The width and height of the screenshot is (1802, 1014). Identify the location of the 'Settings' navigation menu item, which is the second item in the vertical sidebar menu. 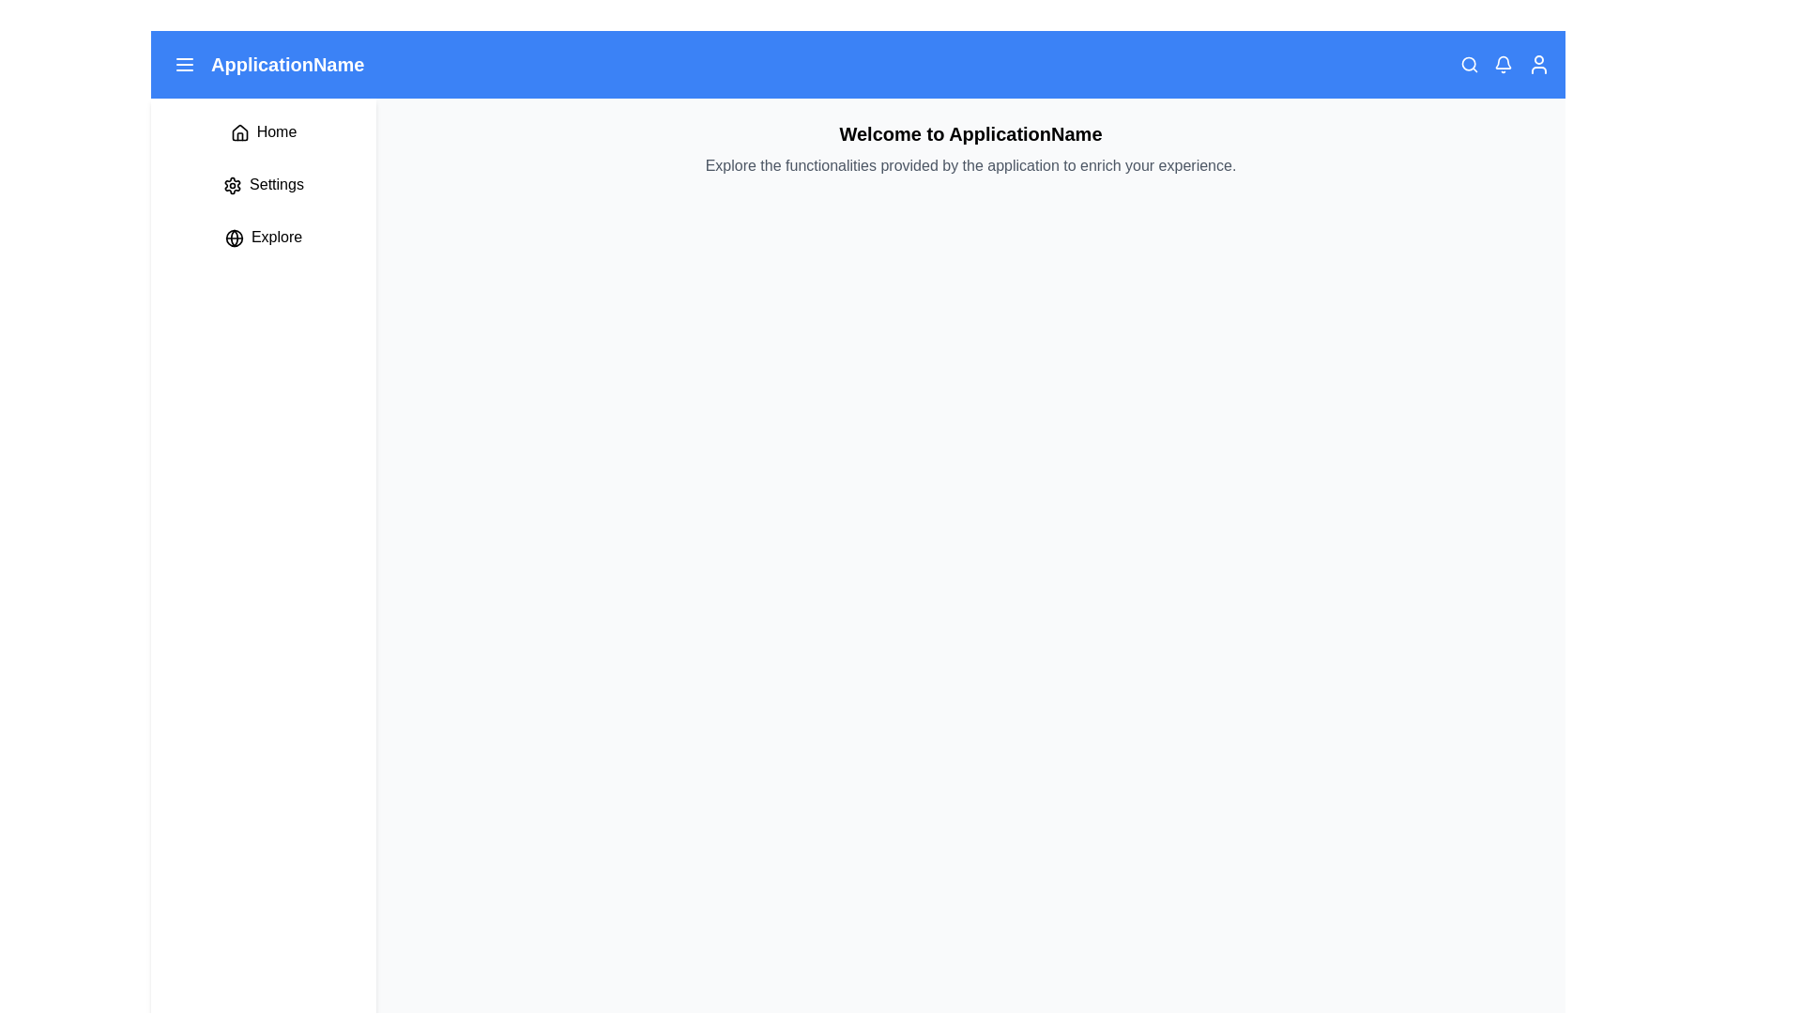
(263, 184).